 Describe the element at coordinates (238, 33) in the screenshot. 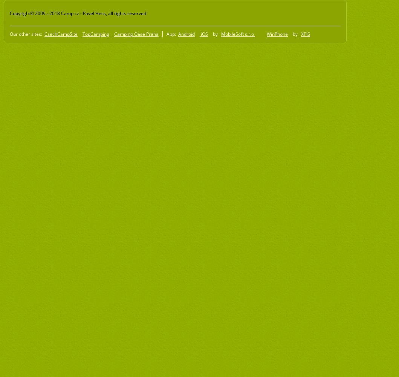

I see `'MobileSoft s.r.o'` at that location.